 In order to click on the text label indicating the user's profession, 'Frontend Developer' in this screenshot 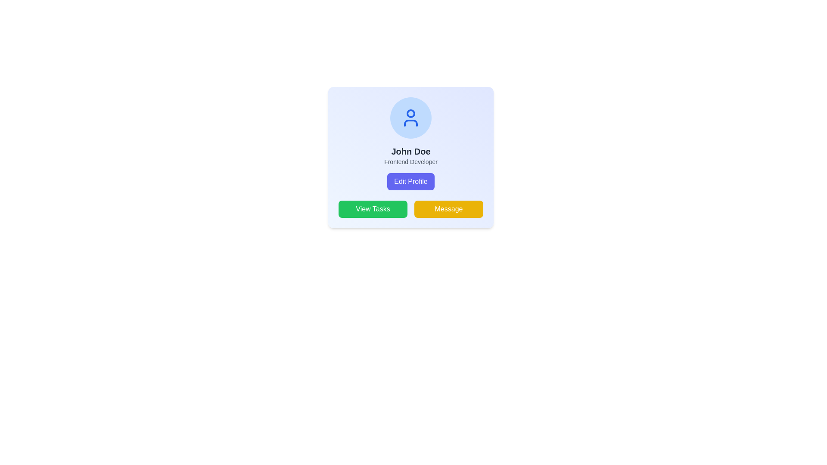, I will do `click(410, 161)`.